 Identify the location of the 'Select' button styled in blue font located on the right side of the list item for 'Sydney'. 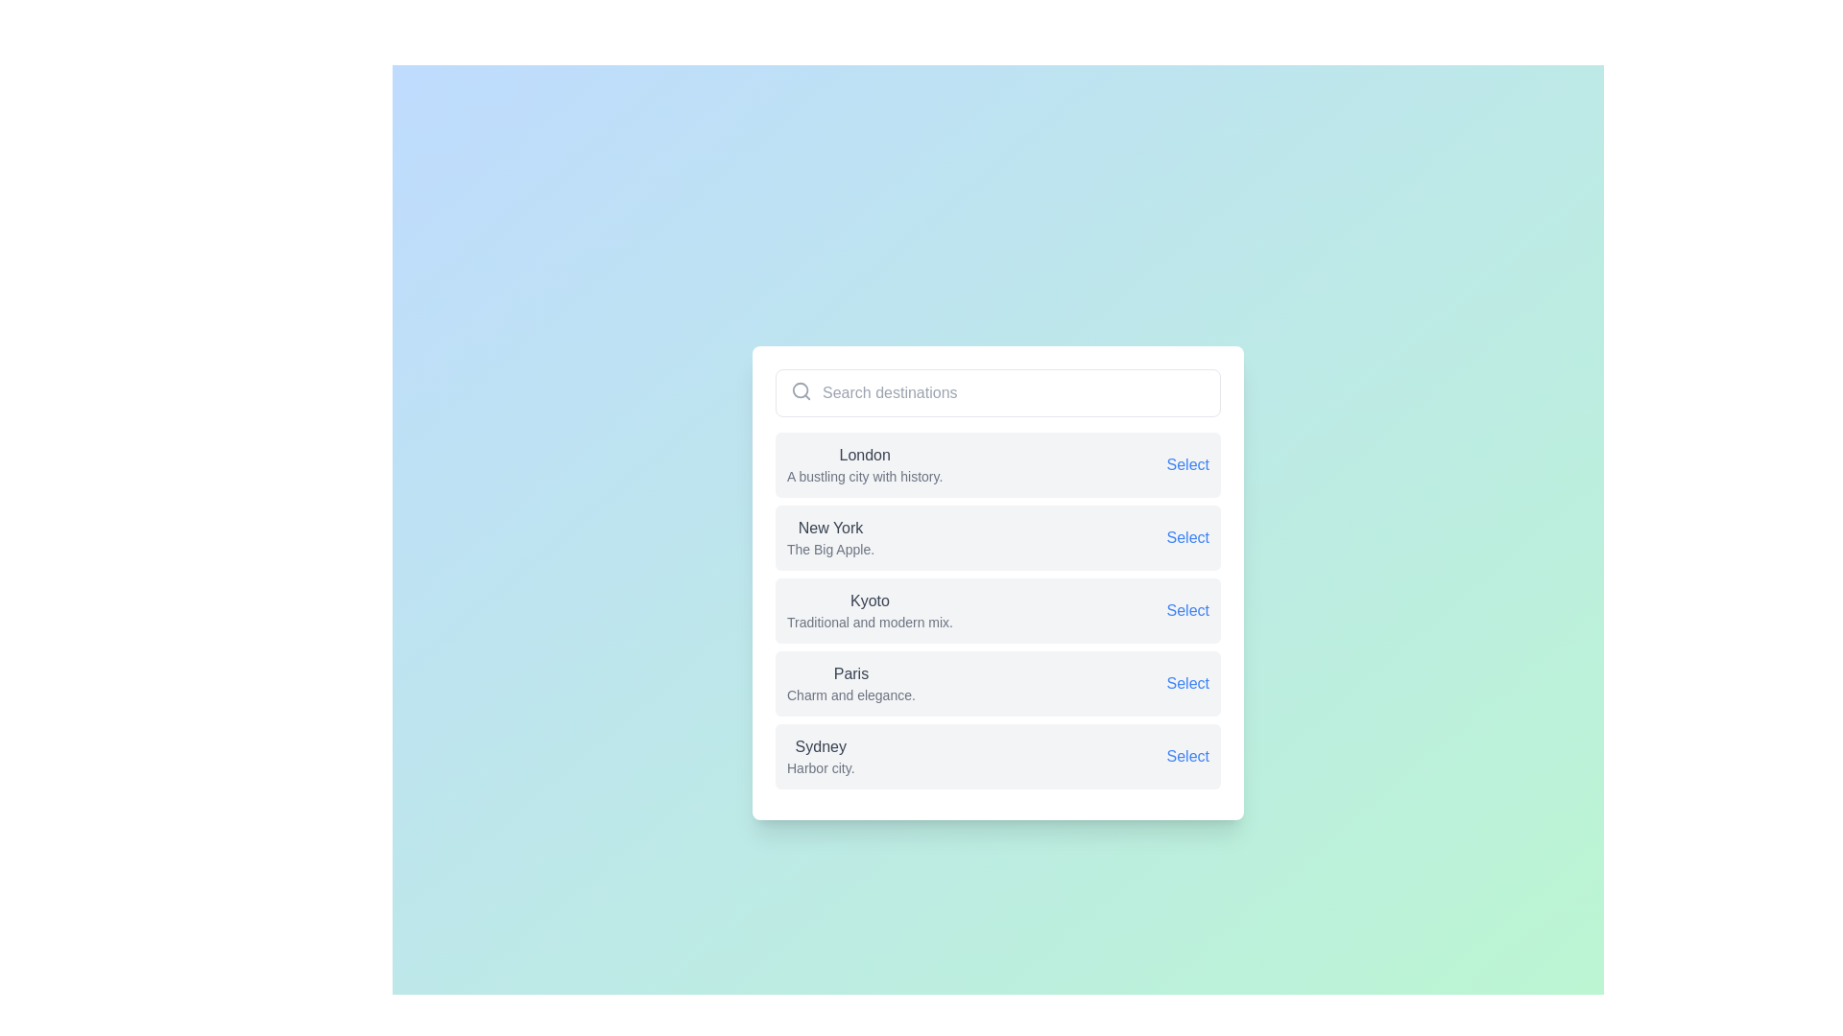
(1186, 756).